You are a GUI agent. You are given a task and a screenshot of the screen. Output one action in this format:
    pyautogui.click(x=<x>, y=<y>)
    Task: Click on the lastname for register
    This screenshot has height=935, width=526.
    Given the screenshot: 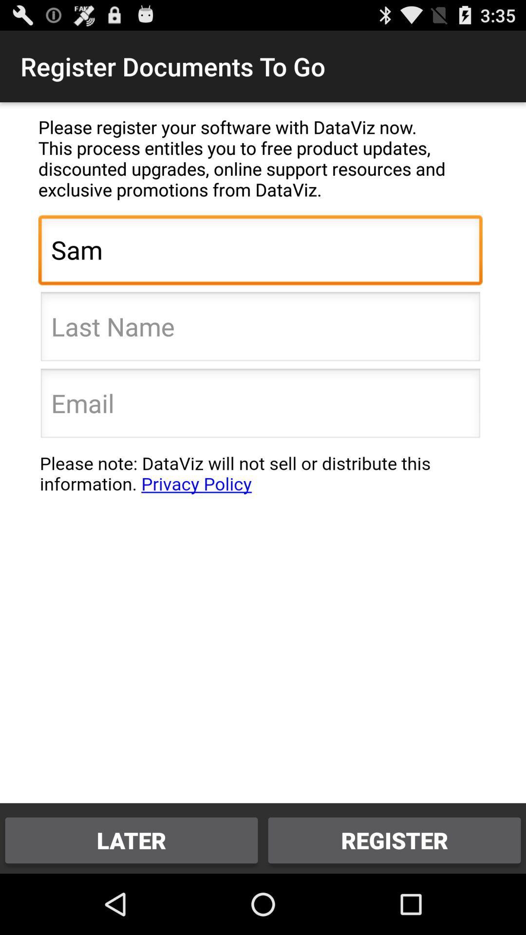 What is the action you would take?
    pyautogui.click(x=260, y=329)
    